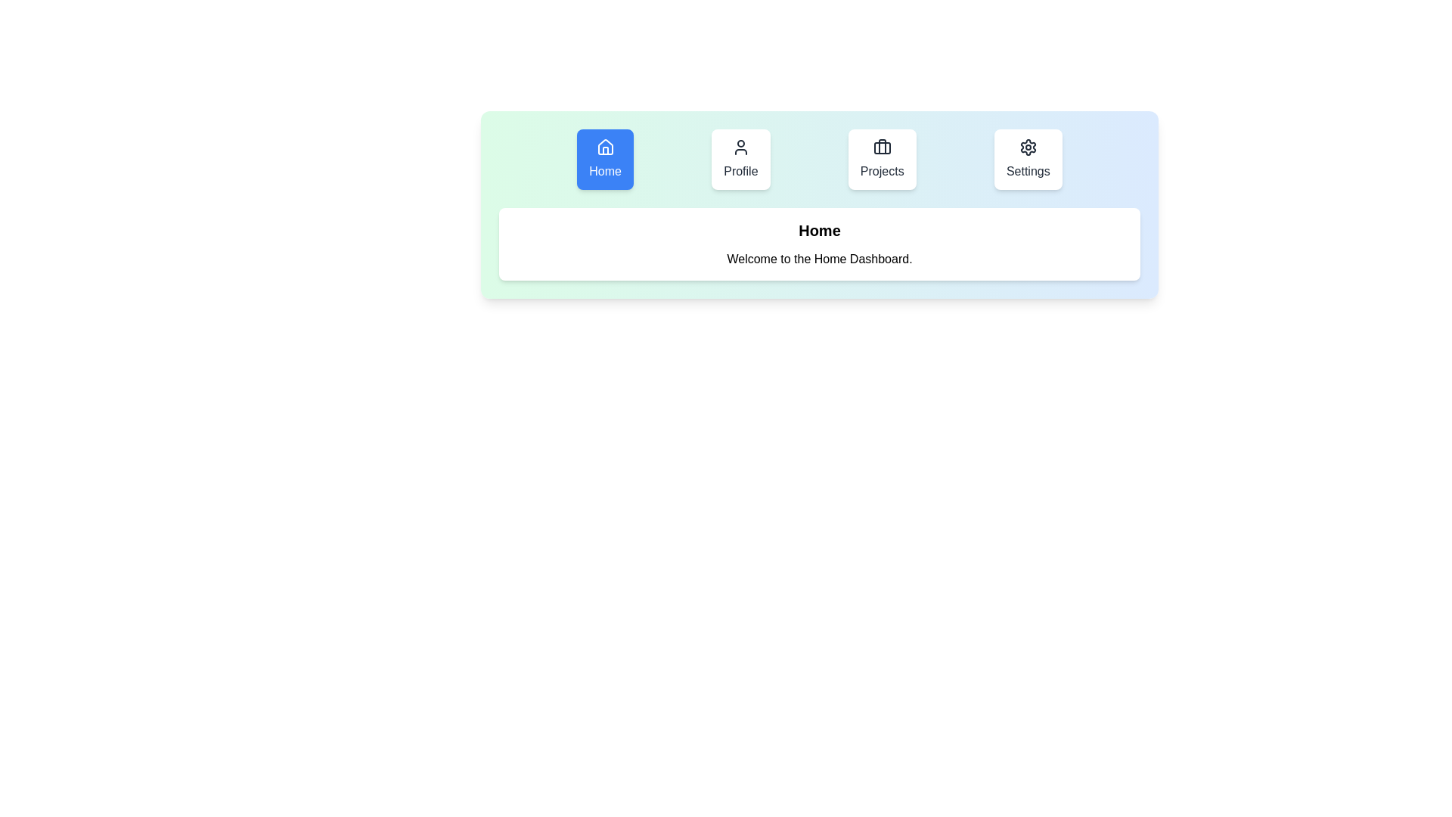 The width and height of the screenshot is (1452, 817). What do you see at coordinates (882, 160) in the screenshot?
I see `the tab labeled Projects to inspect its content` at bounding box center [882, 160].